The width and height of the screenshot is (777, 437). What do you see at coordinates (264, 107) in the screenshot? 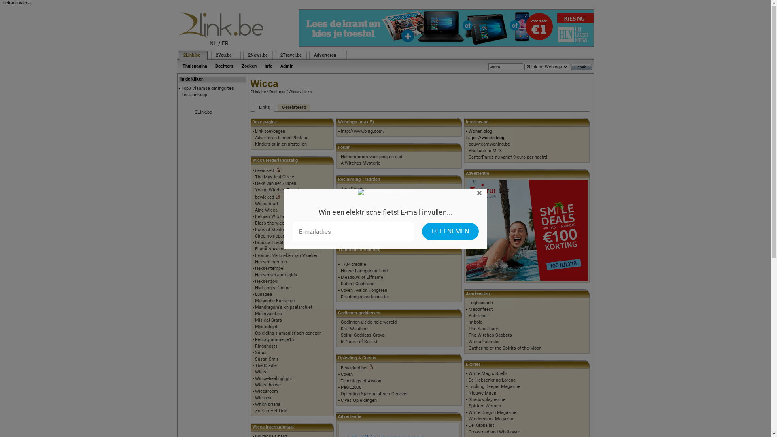
I see `'Links'` at bounding box center [264, 107].